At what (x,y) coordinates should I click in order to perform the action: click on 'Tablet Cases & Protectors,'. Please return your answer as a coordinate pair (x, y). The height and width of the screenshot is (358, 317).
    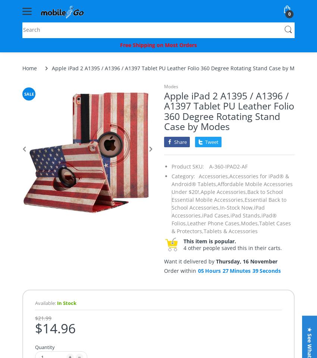
    Looking at the image, I should click on (230, 226).